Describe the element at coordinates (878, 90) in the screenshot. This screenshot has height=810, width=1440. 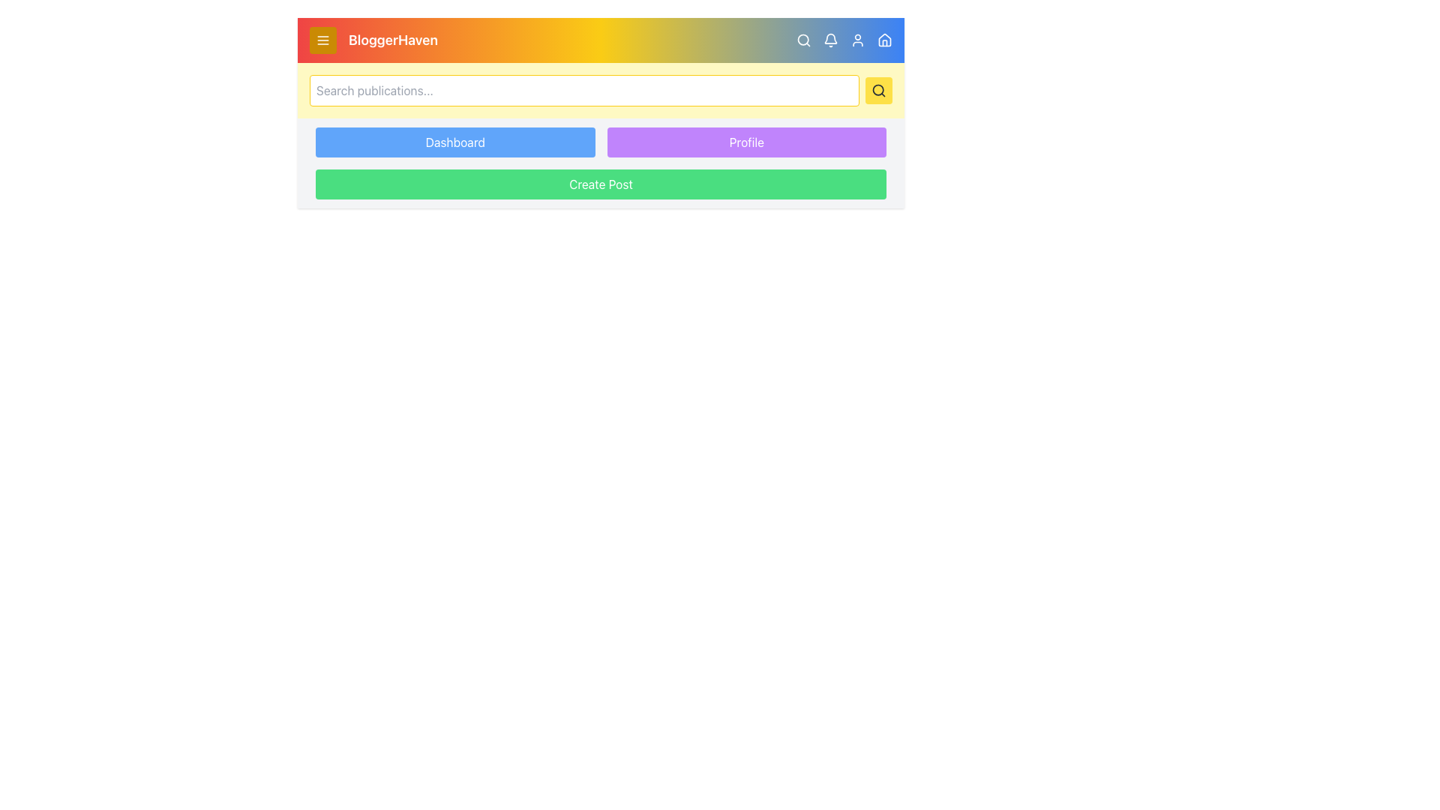
I see `the search button located at the far right of the search input field to initiate a search action` at that location.